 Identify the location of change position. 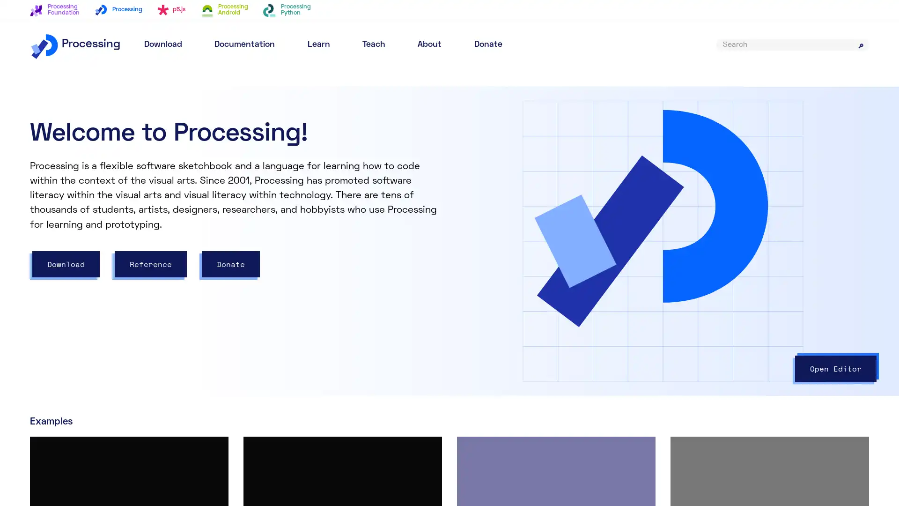
(714, 257).